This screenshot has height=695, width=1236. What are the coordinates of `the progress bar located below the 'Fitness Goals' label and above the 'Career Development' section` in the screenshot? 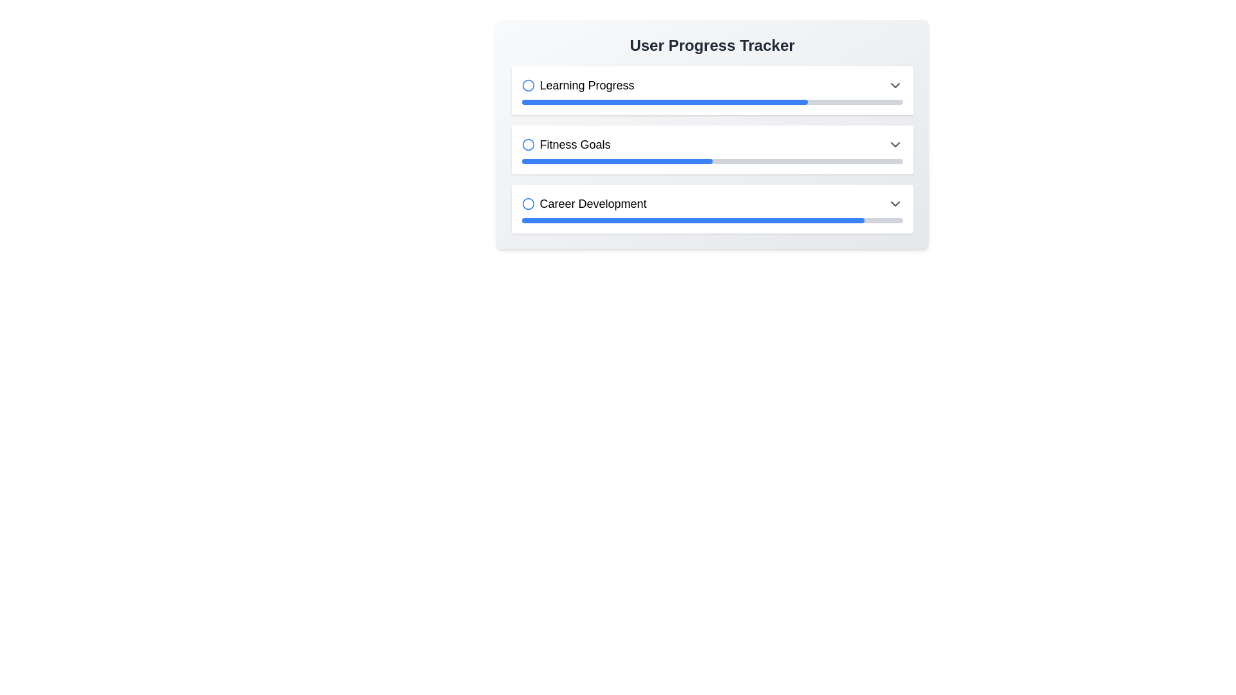 It's located at (711, 160).